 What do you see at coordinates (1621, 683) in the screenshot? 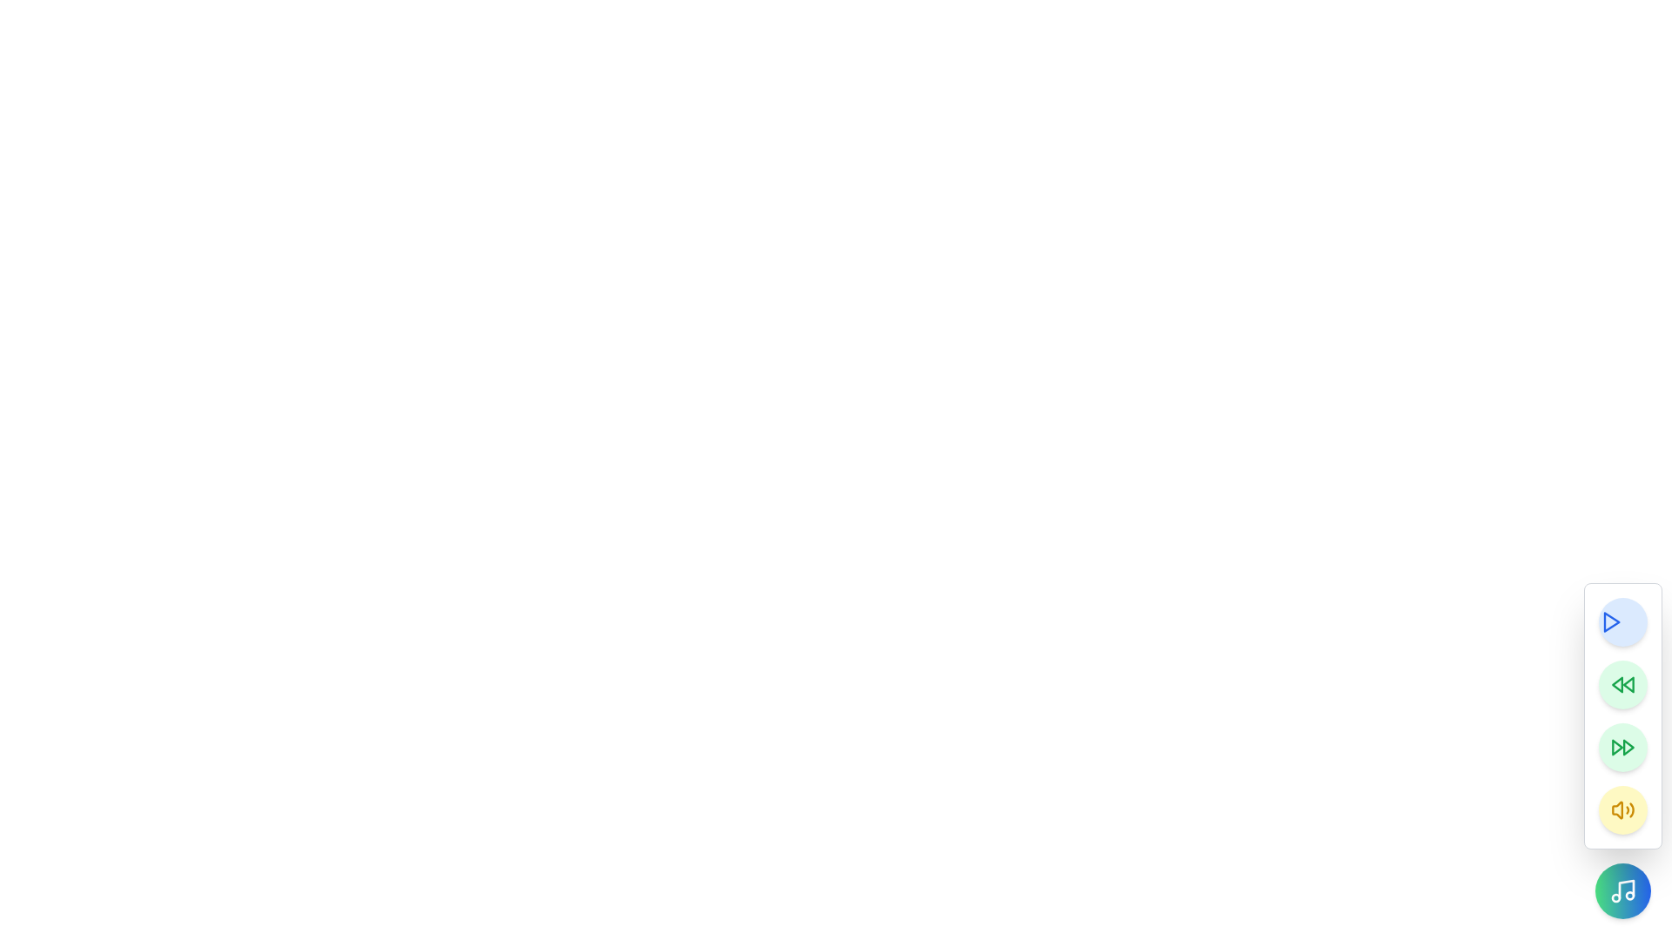
I see `the rewind button, which is a green circular button with a rewind icon, located on the right-hand sidebar of the interface to change its visual state` at bounding box center [1621, 683].